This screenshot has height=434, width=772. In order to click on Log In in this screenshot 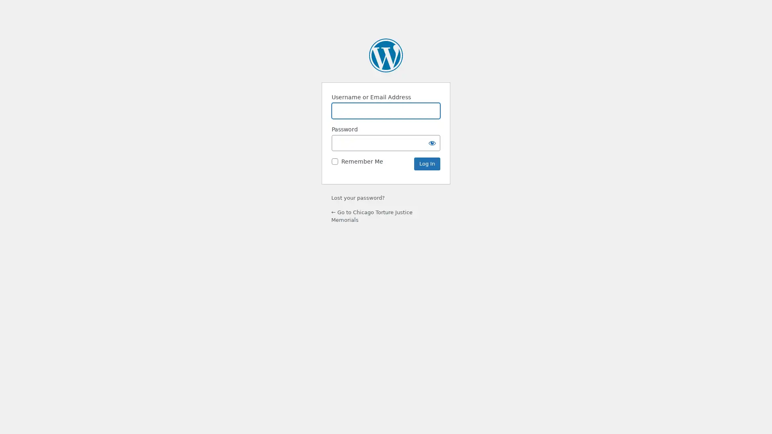, I will do `click(427, 164)`.